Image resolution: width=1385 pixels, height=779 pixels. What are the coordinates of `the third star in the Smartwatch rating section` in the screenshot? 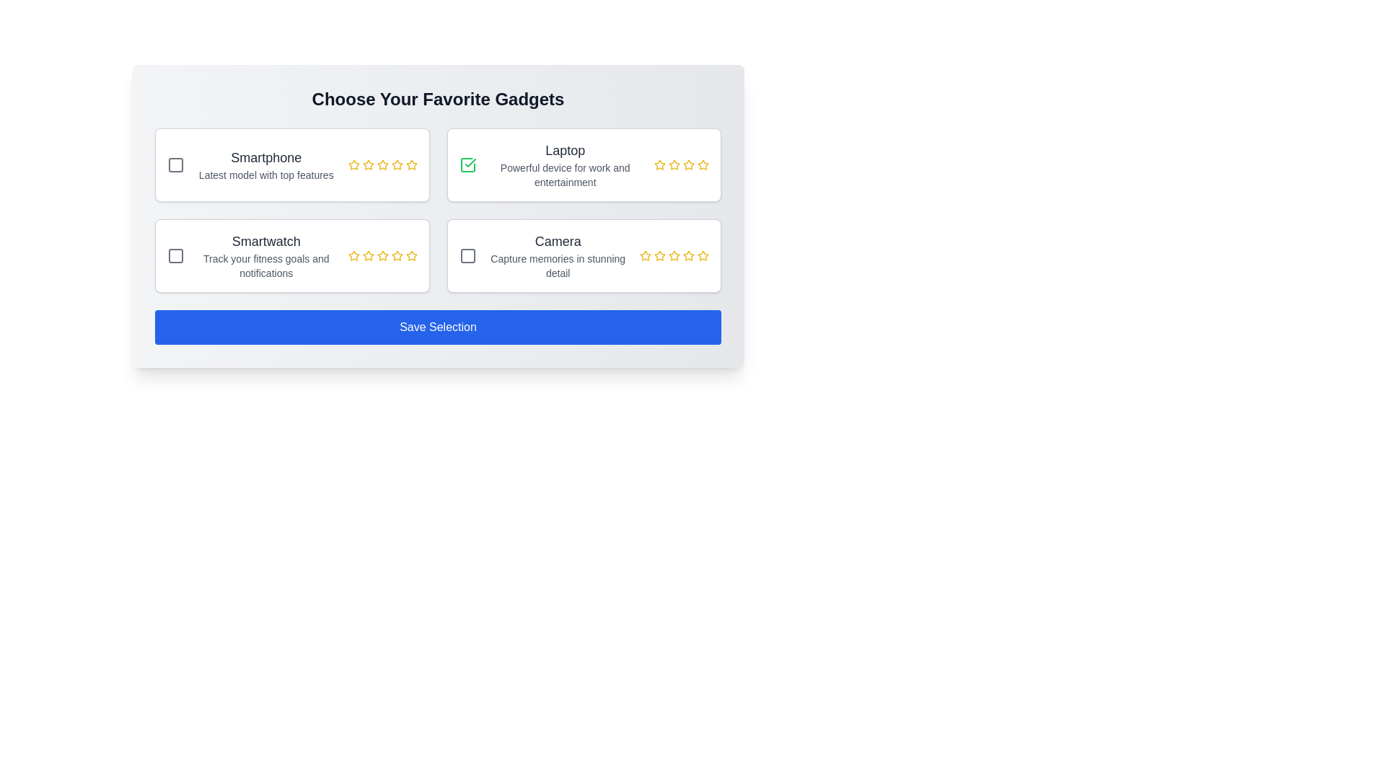 It's located at (353, 255).